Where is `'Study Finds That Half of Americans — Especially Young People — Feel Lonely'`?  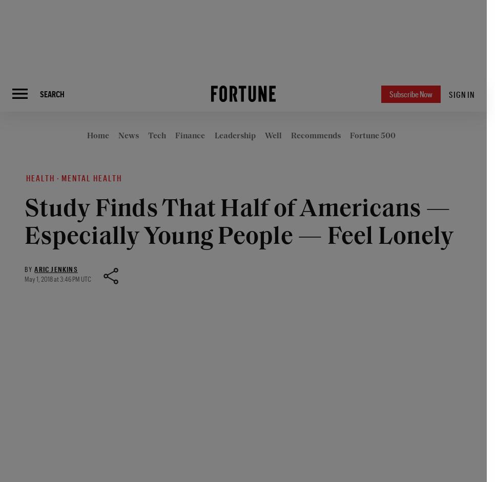 'Study Finds That Half of Americans — Especially Young People — Feel Lonely' is located at coordinates (239, 224).